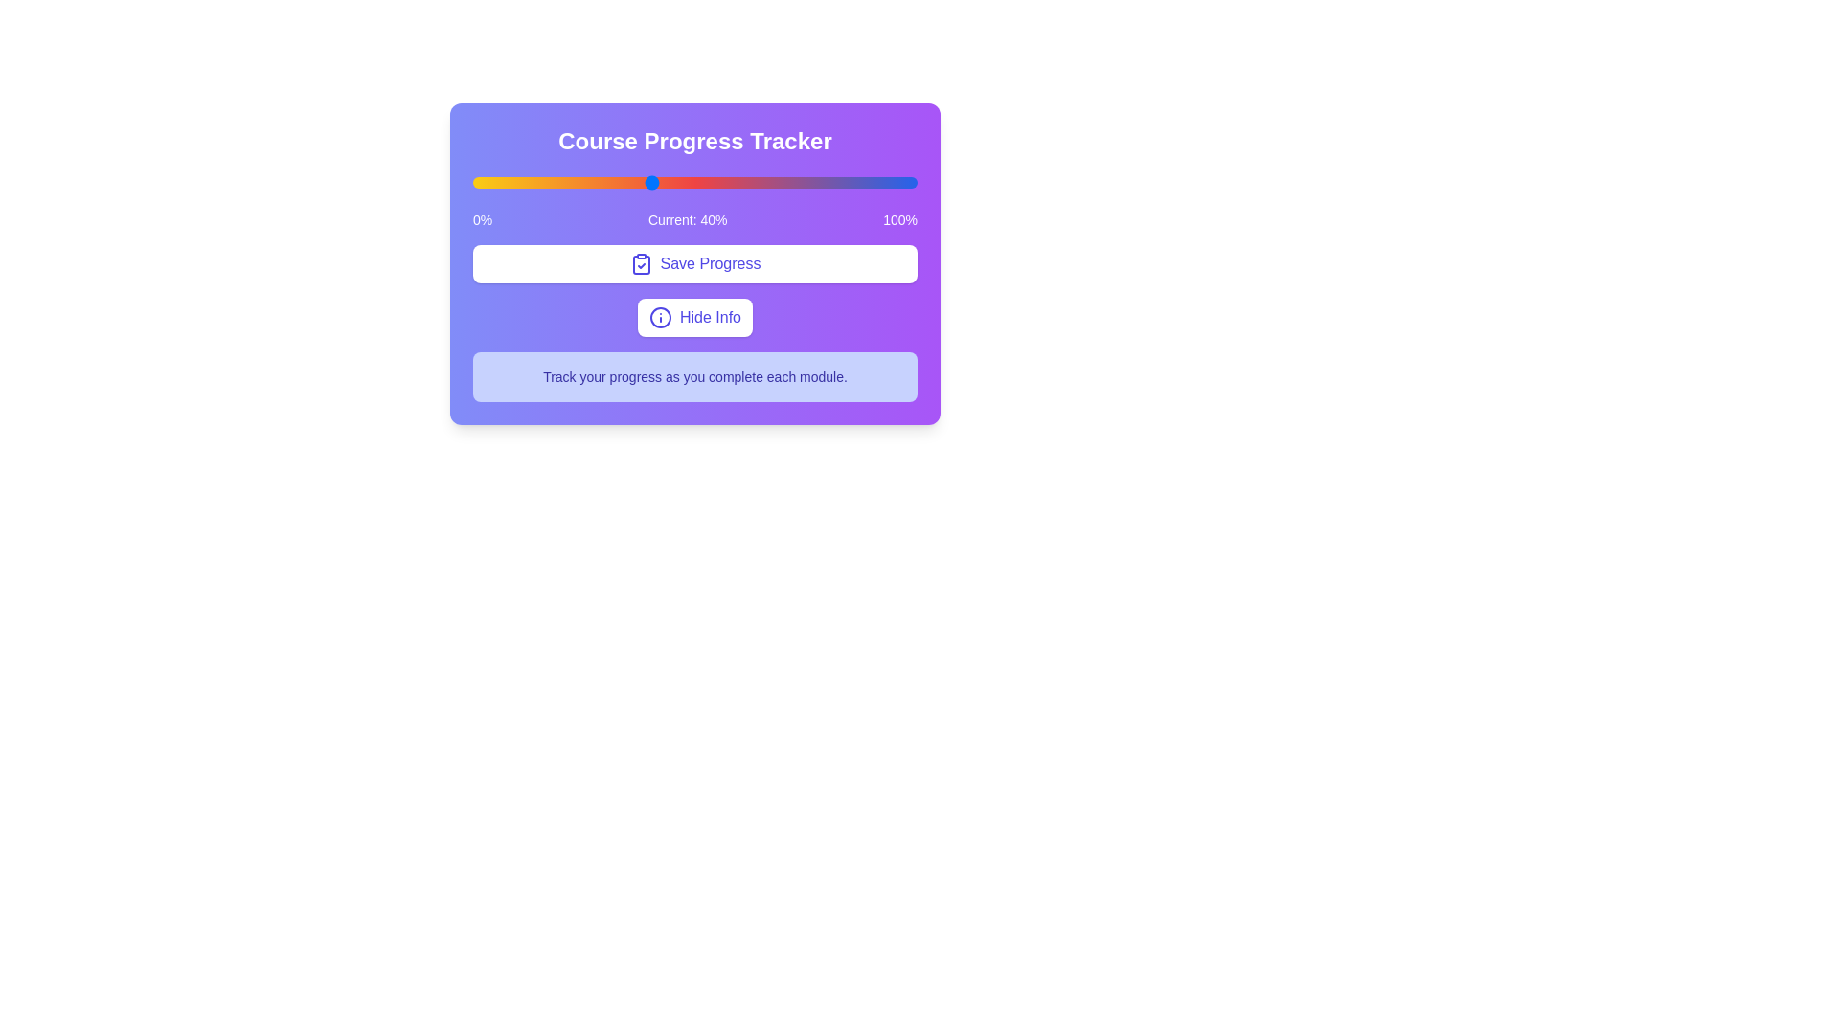 The width and height of the screenshot is (1839, 1034). Describe the element at coordinates (693, 227) in the screenshot. I see `the slider of the progress bar widget, which has a gradient color scheme and displays the current value as 'Current: 40%'` at that location.